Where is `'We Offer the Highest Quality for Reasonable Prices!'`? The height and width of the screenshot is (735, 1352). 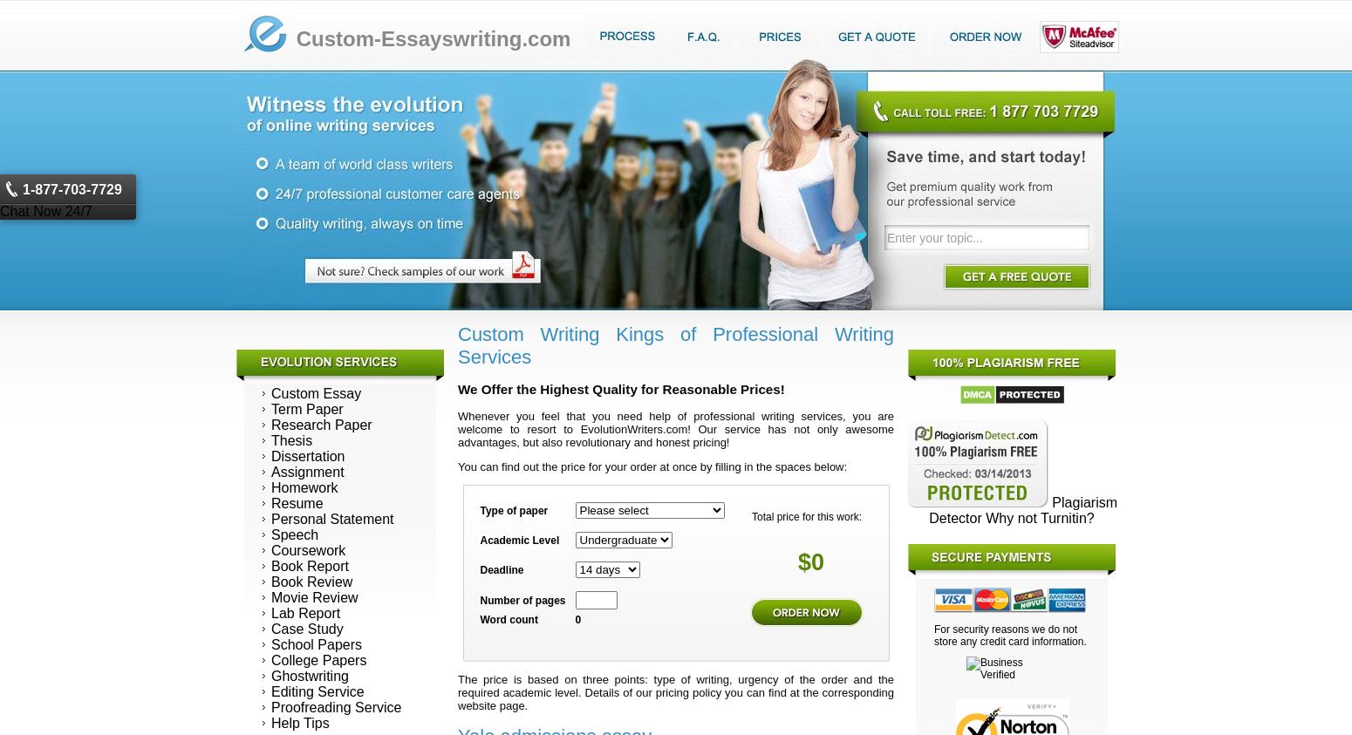 'We Offer the Highest Quality for Reasonable Prices!' is located at coordinates (621, 388).